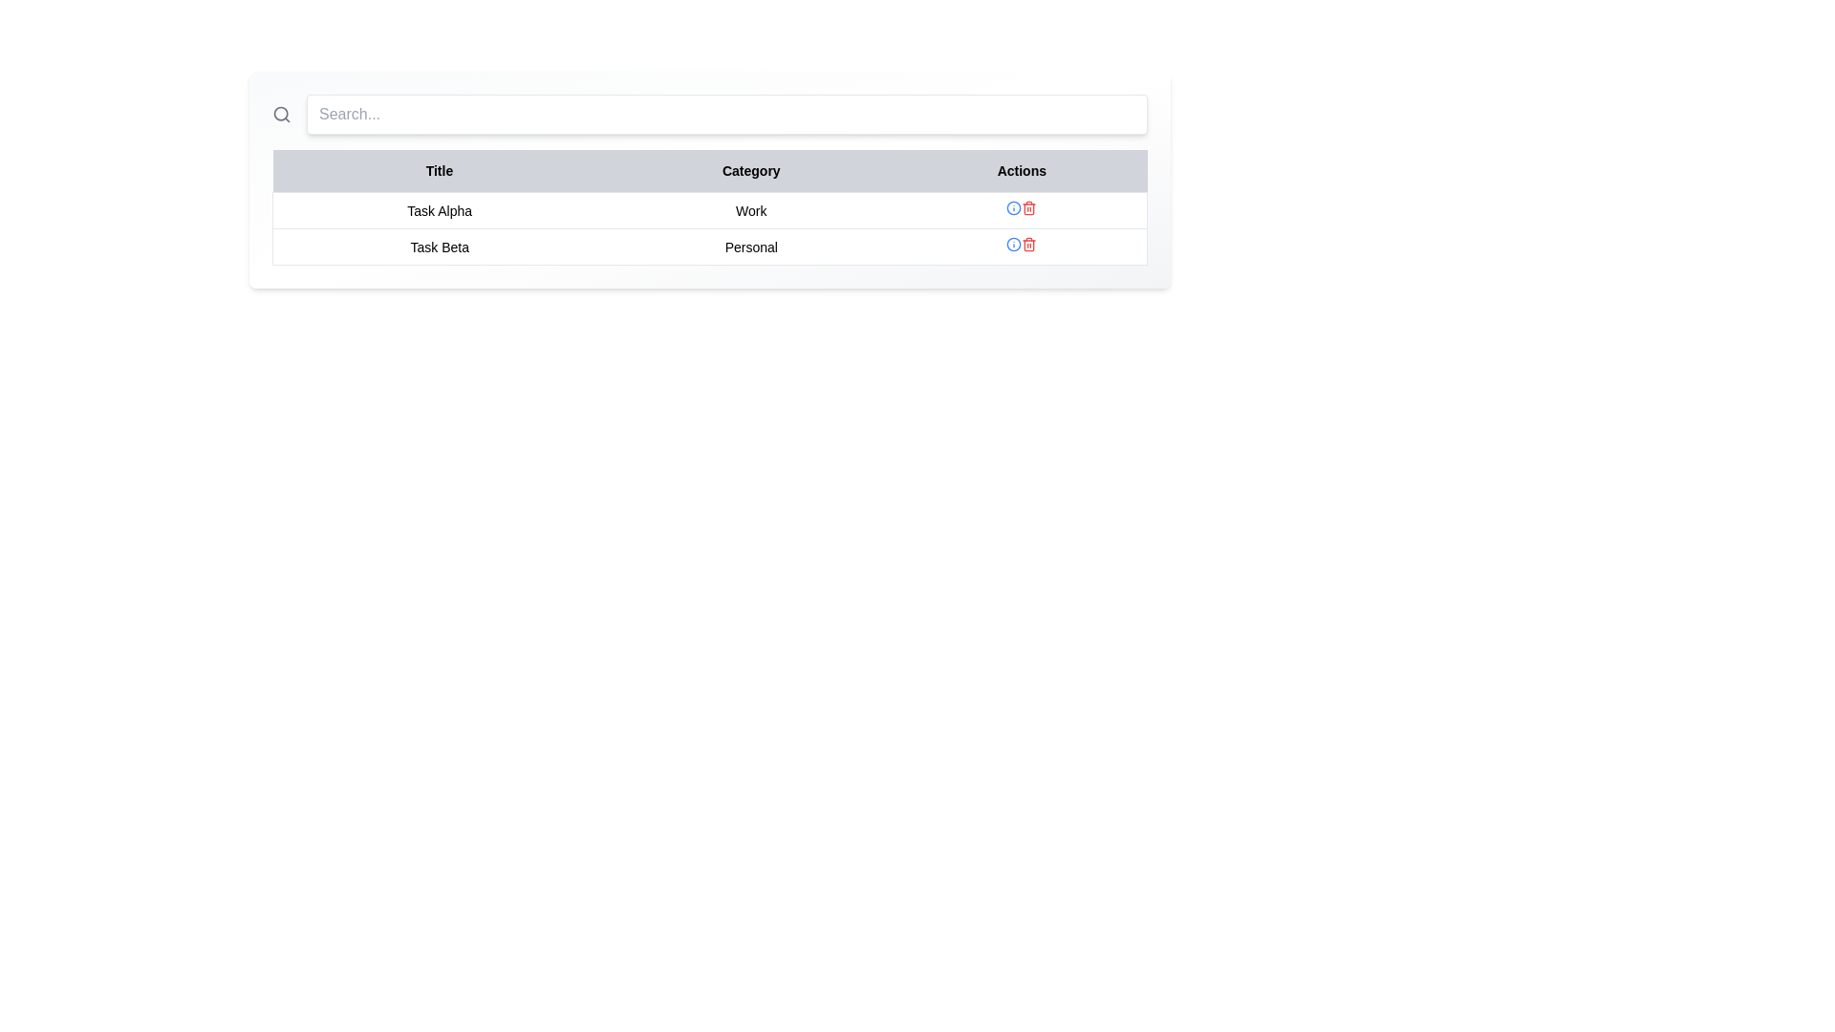  What do you see at coordinates (1013, 208) in the screenshot?
I see `the 'info' icon button located in the second row of the table under the 'Actions' column, next to the red delete icon` at bounding box center [1013, 208].